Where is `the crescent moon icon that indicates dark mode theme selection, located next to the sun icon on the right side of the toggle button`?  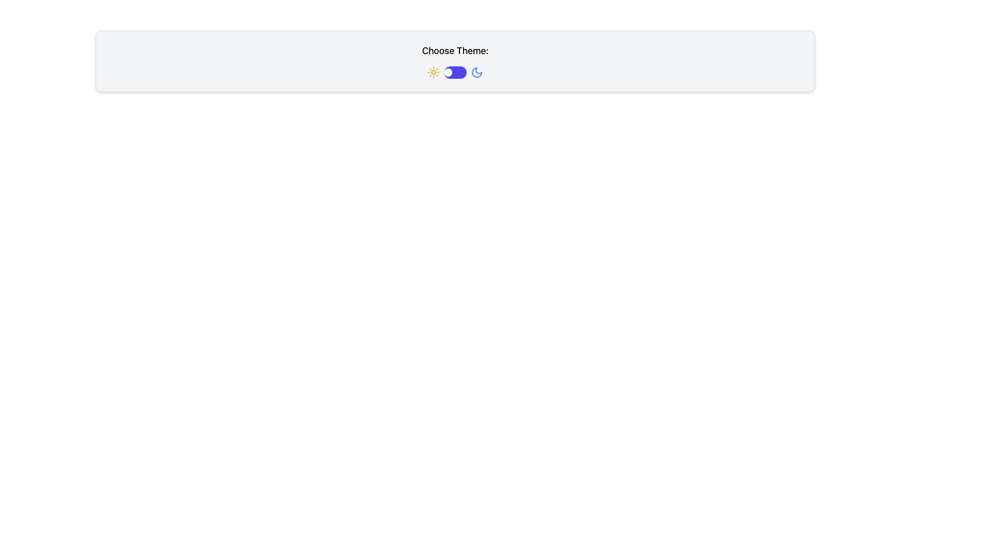 the crescent moon icon that indicates dark mode theme selection, located next to the sun icon on the right side of the toggle button is located at coordinates (476, 72).